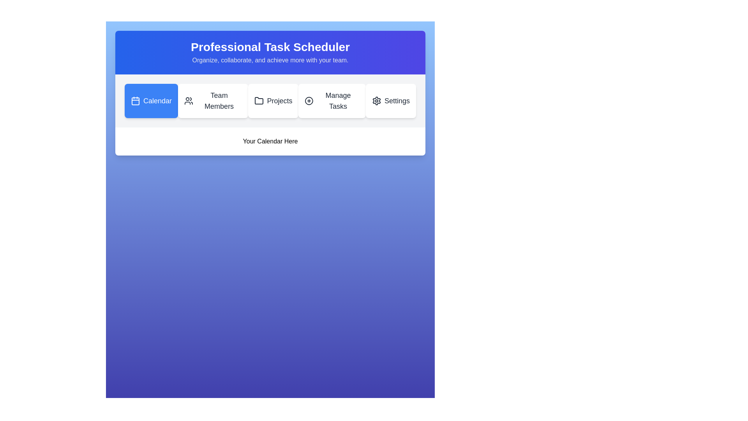 The image size is (748, 421). I want to click on the text label that denotes the calendar section, located centrally beneath the navigation buttons, so click(270, 141).